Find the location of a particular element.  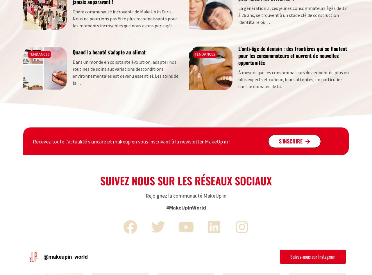

'Dans un monde en constante évolution, adapter nos routines de soins aux variations desconditions environnementales est devenu essentiel. Les soins de la…' is located at coordinates (125, 72).